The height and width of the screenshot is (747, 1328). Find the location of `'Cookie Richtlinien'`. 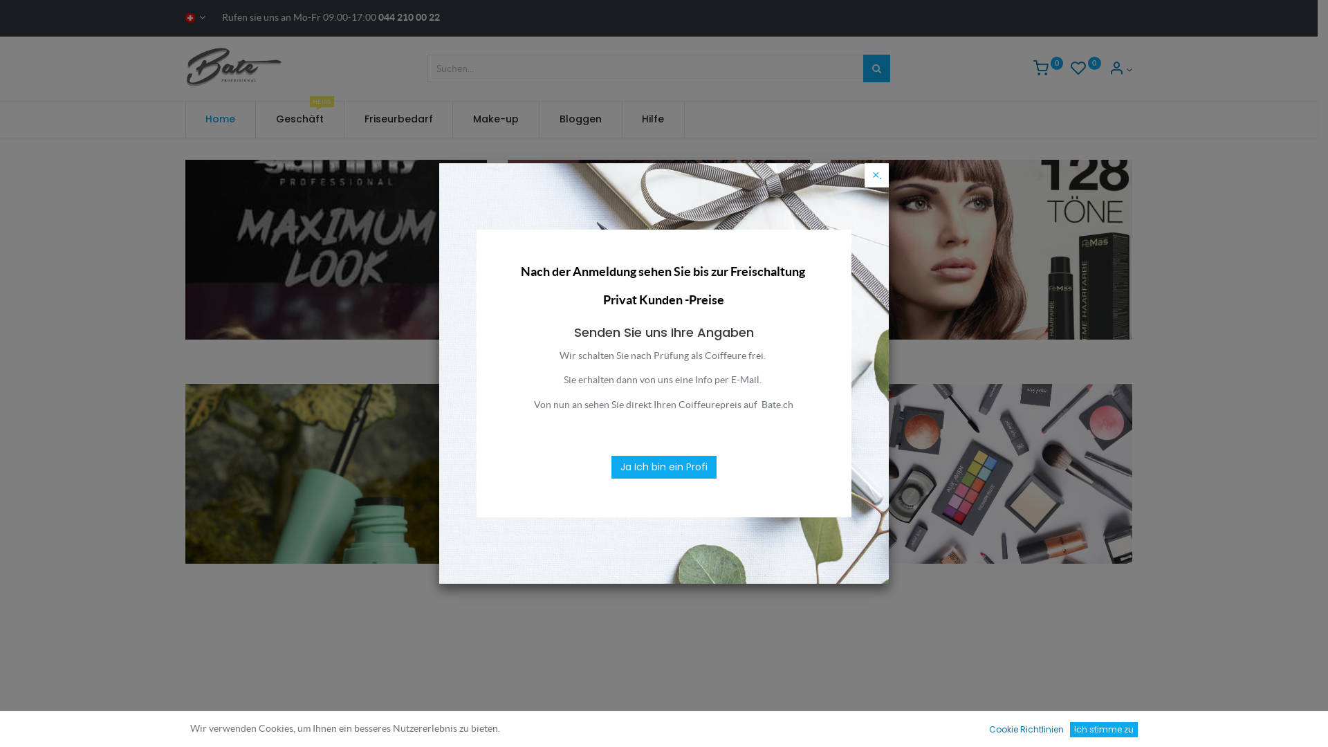

'Cookie Richtlinien' is located at coordinates (1026, 729).